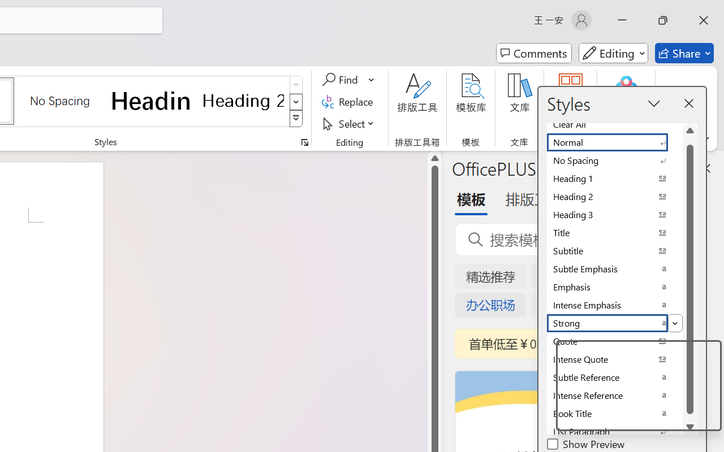 The image size is (724, 452). What do you see at coordinates (614, 160) in the screenshot?
I see `'No Spacing'` at bounding box center [614, 160].